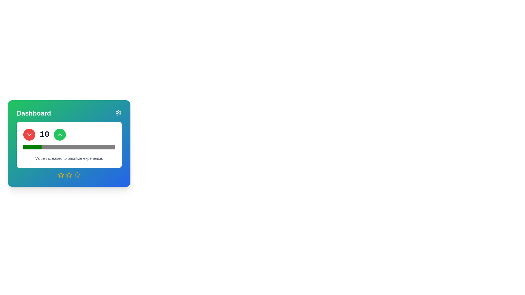 The image size is (525, 295). Describe the element at coordinates (118, 113) in the screenshot. I see `the settings icon located` at that location.